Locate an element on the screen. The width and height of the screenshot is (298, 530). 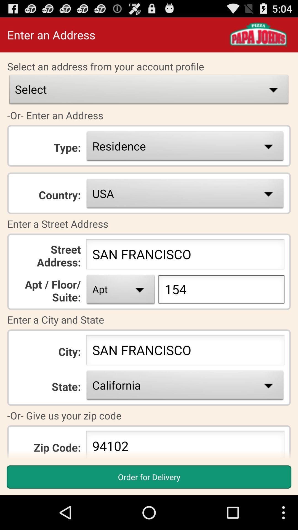
the apartment is located at coordinates (121, 291).